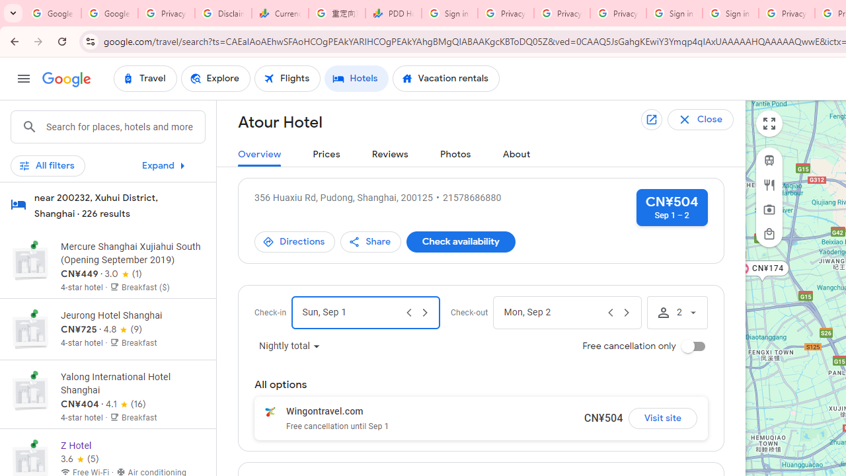 The height and width of the screenshot is (476, 846). Describe the element at coordinates (356, 79) in the screenshot. I see `'Hotels'` at that location.